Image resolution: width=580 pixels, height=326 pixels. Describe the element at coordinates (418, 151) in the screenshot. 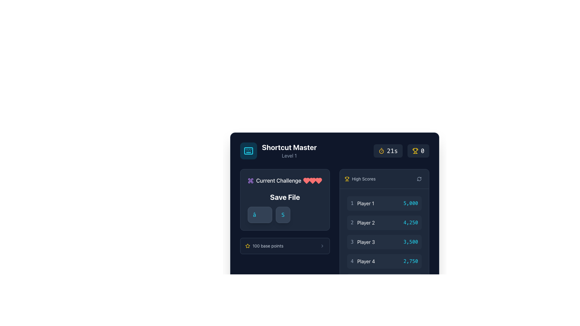

I see `the value displayed on the Badge with a dark slate background, yellow trophy icon, and white number '0' in a mono-spaced font located in the top-right corner of the interface` at that location.